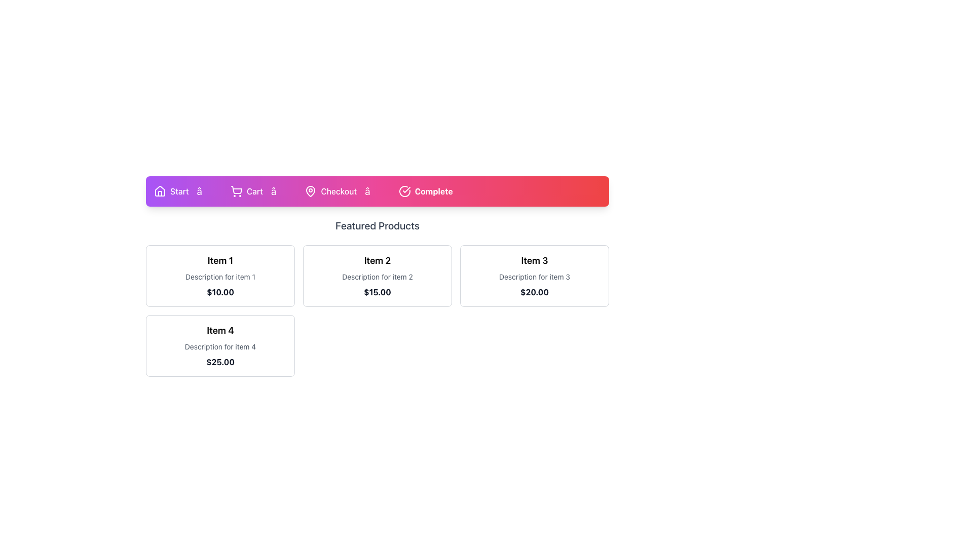 The width and height of the screenshot is (973, 547). What do you see at coordinates (377, 292) in the screenshot?
I see `the price information text label located at the bottom of the second card in the 'Featured Products' section, under the title 'Item 2'` at bounding box center [377, 292].